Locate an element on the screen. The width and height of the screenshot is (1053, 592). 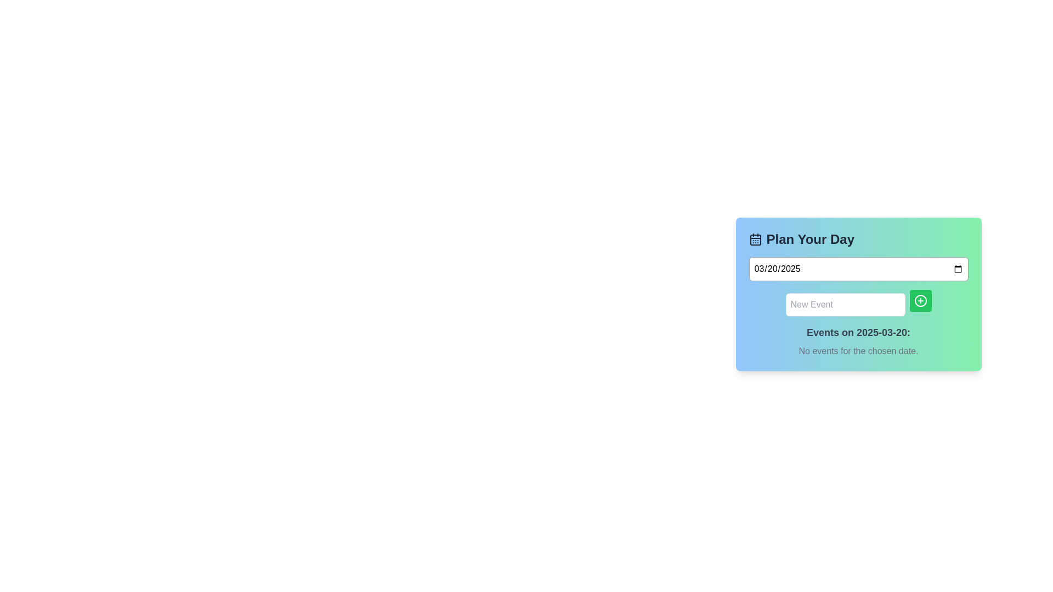
the decorative graphical element that visually represents the calendar icon, located at the top-left corner of the 'Plan Your Day' card is located at coordinates (755, 240).